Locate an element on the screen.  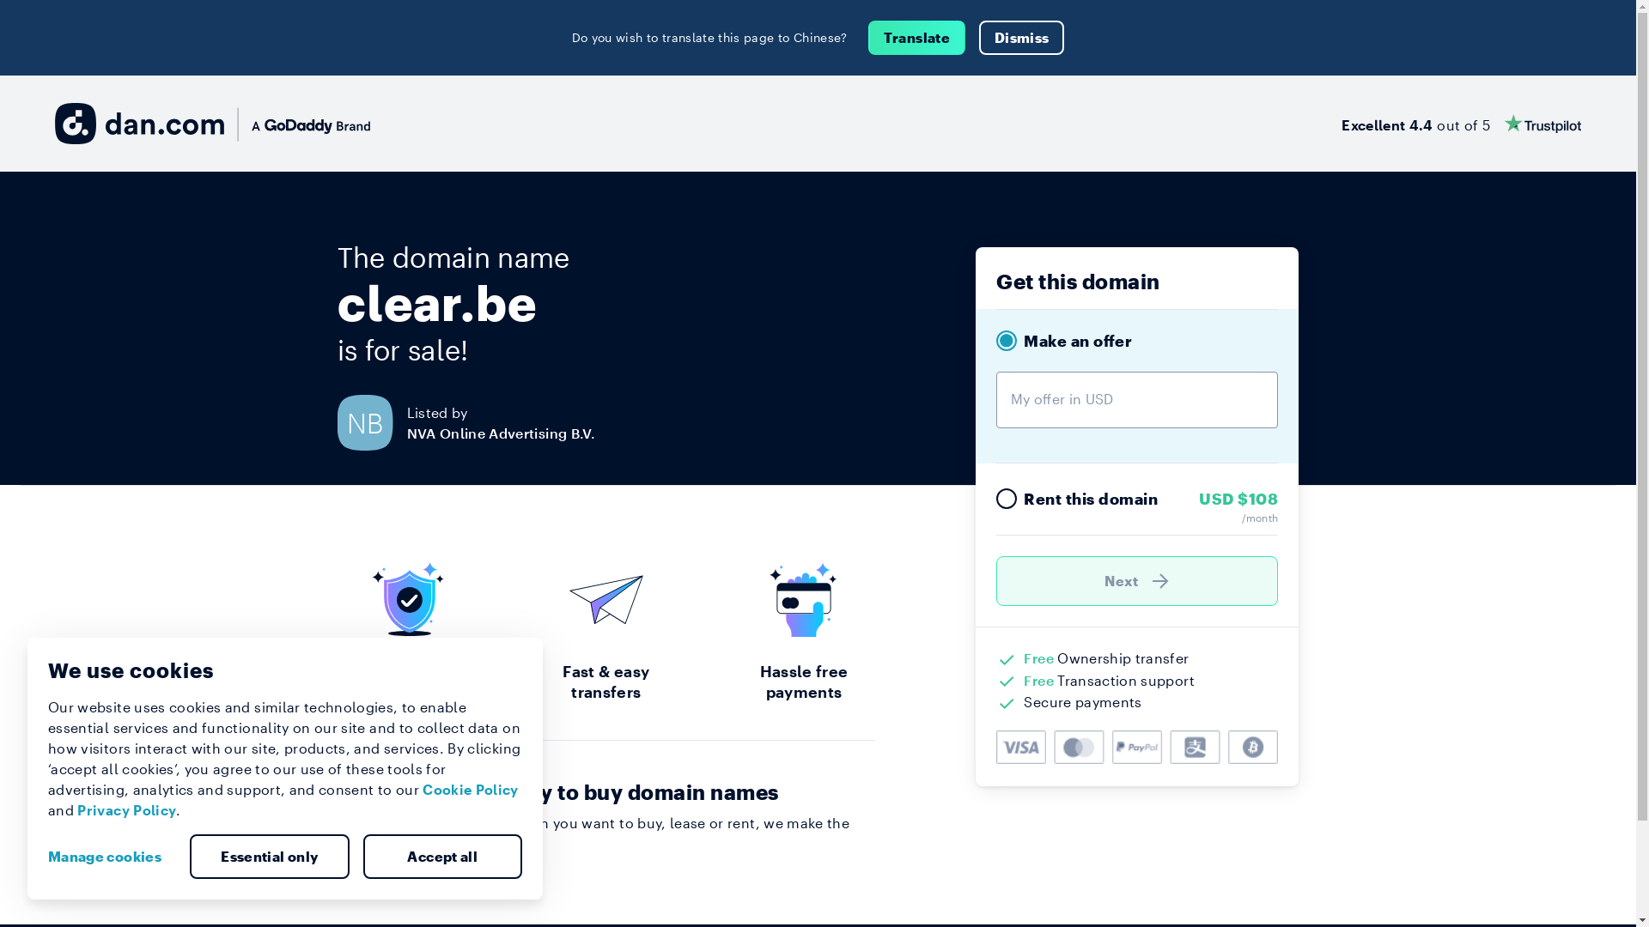
'Translate' is located at coordinates (916, 37).